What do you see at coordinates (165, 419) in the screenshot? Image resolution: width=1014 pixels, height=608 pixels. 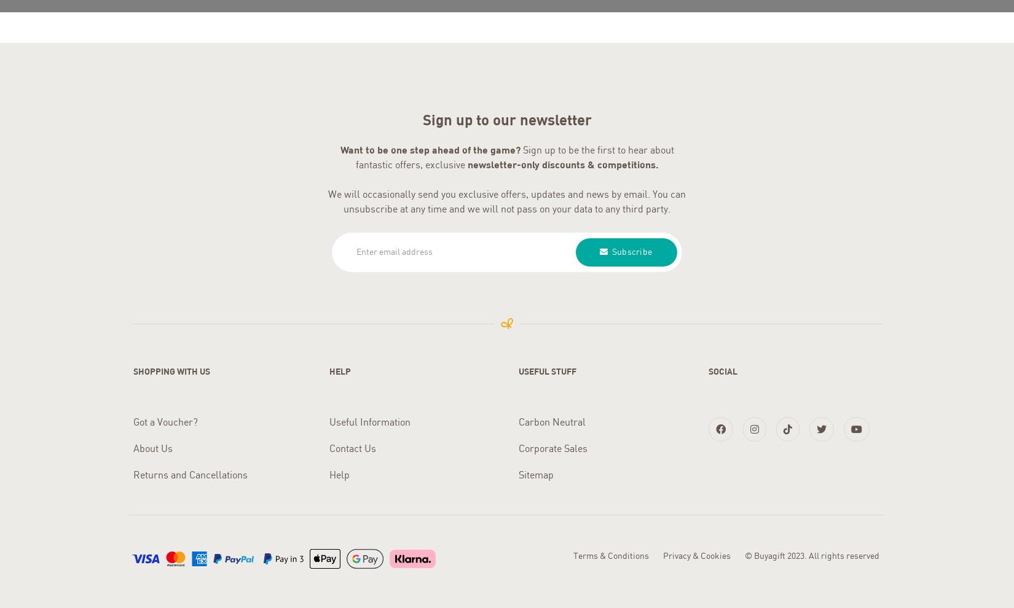 I see `'Got a Voucher?'` at bounding box center [165, 419].